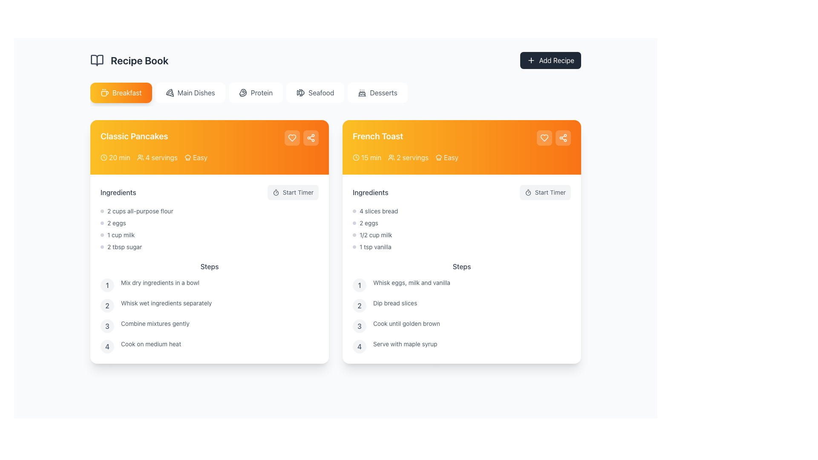 This screenshot has height=460, width=818. I want to click on the beef cut-like icon located at the center-left of the 'Protein' button in the navigation bar under 'Recipe Book', so click(242, 93).